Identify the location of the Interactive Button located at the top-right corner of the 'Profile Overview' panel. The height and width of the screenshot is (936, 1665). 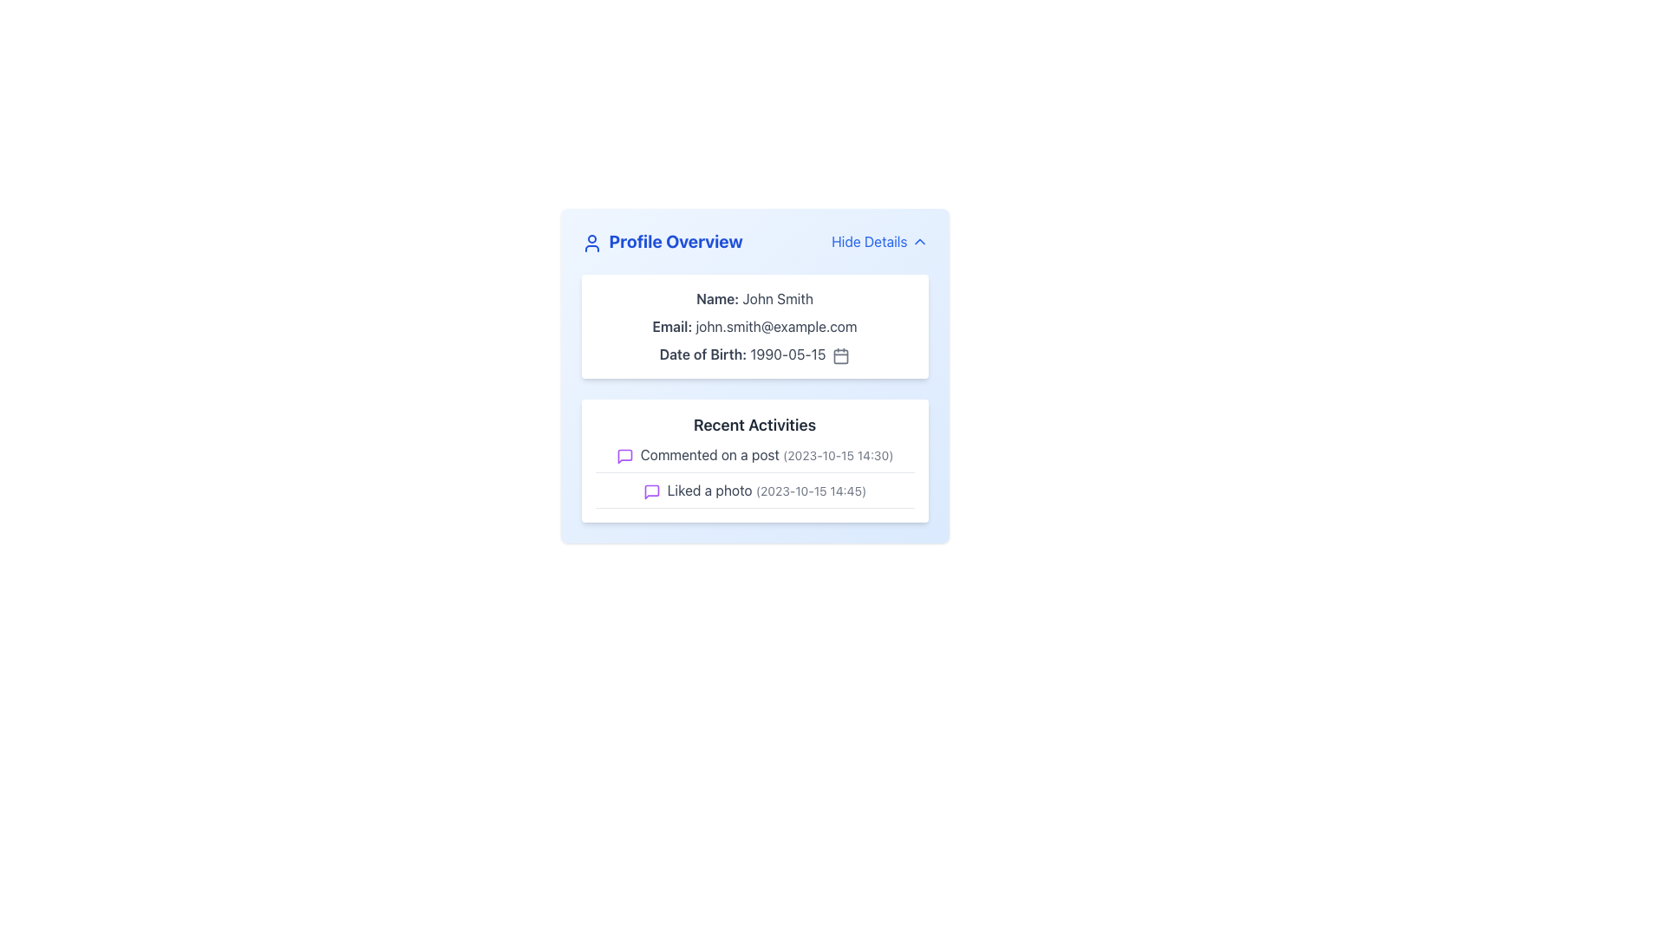
(879, 241).